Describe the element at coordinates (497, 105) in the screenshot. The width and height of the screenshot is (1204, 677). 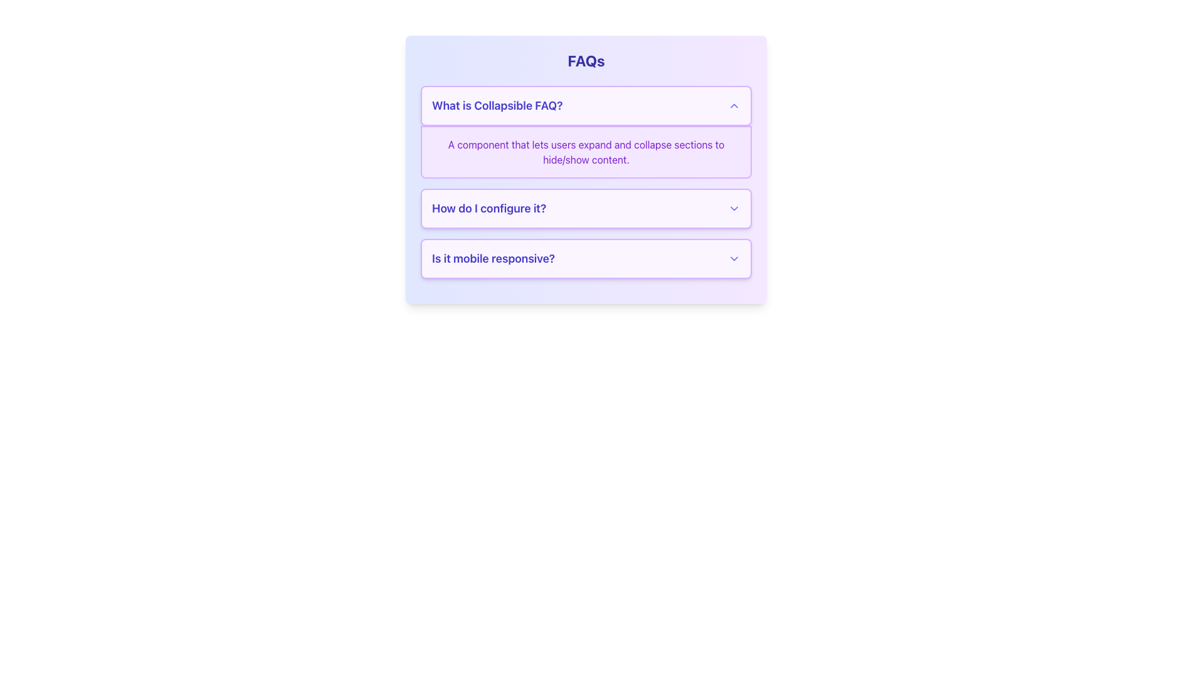
I see `the first textual item of the collapsible FAQ item, which serves as its title` at that location.